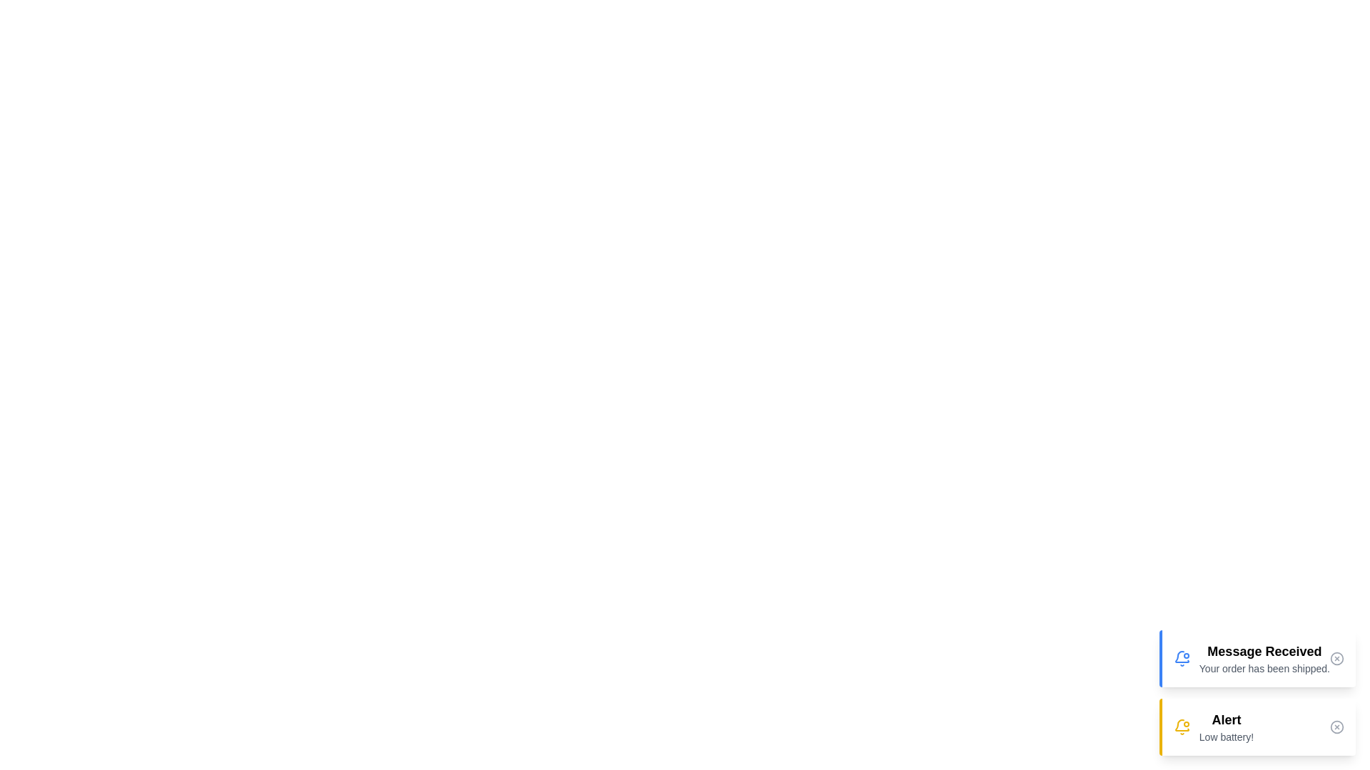 The height and width of the screenshot is (770, 1370). What do you see at coordinates (1257, 727) in the screenshot?
I see `the notification with title Alert` at bounding box center [1257, 727].